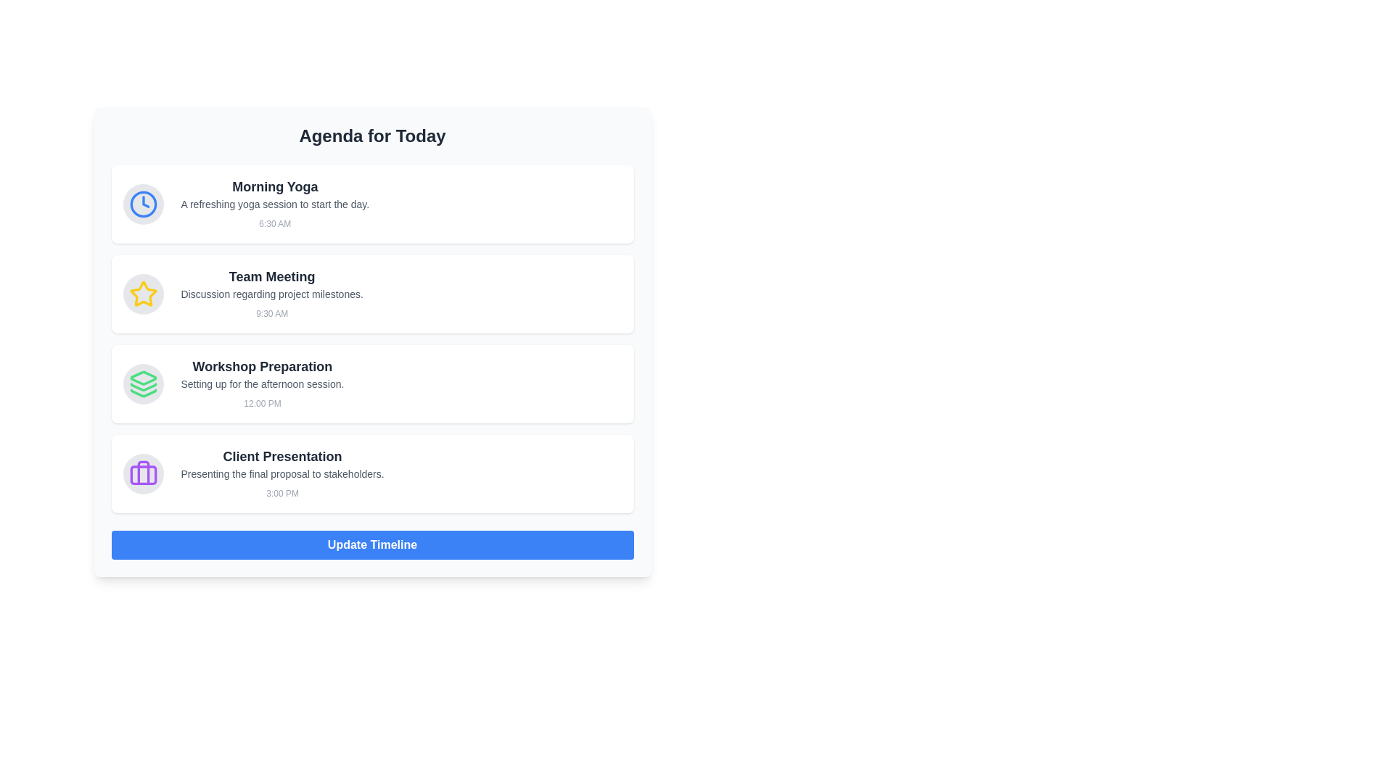  What do you see at coordinates (282, 474) in the screenshot?
I see `the text element displaying 'Presenting the final proposal to stakeholders.' which is located in the bottom card of the agenda list, below 'Client Presentation'` at bounding box center [282, 474].